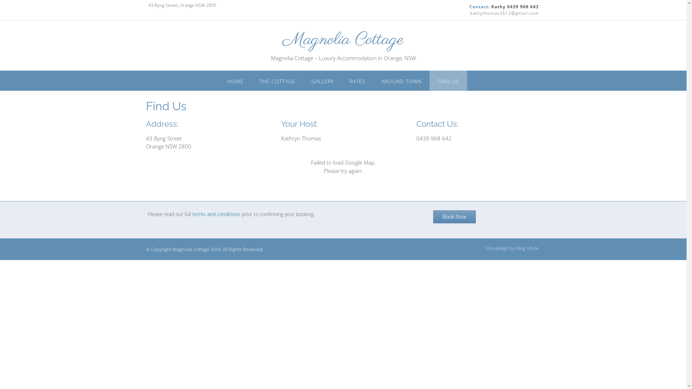 The height and width of the screenshot is (389, 692). Describe the element at coordinates (322, 80) in the screenshot. I see `'GALLERY'` at that location.